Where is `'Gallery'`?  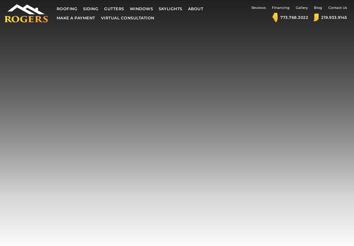
'Gallery' is located at coordinates (301, 8).